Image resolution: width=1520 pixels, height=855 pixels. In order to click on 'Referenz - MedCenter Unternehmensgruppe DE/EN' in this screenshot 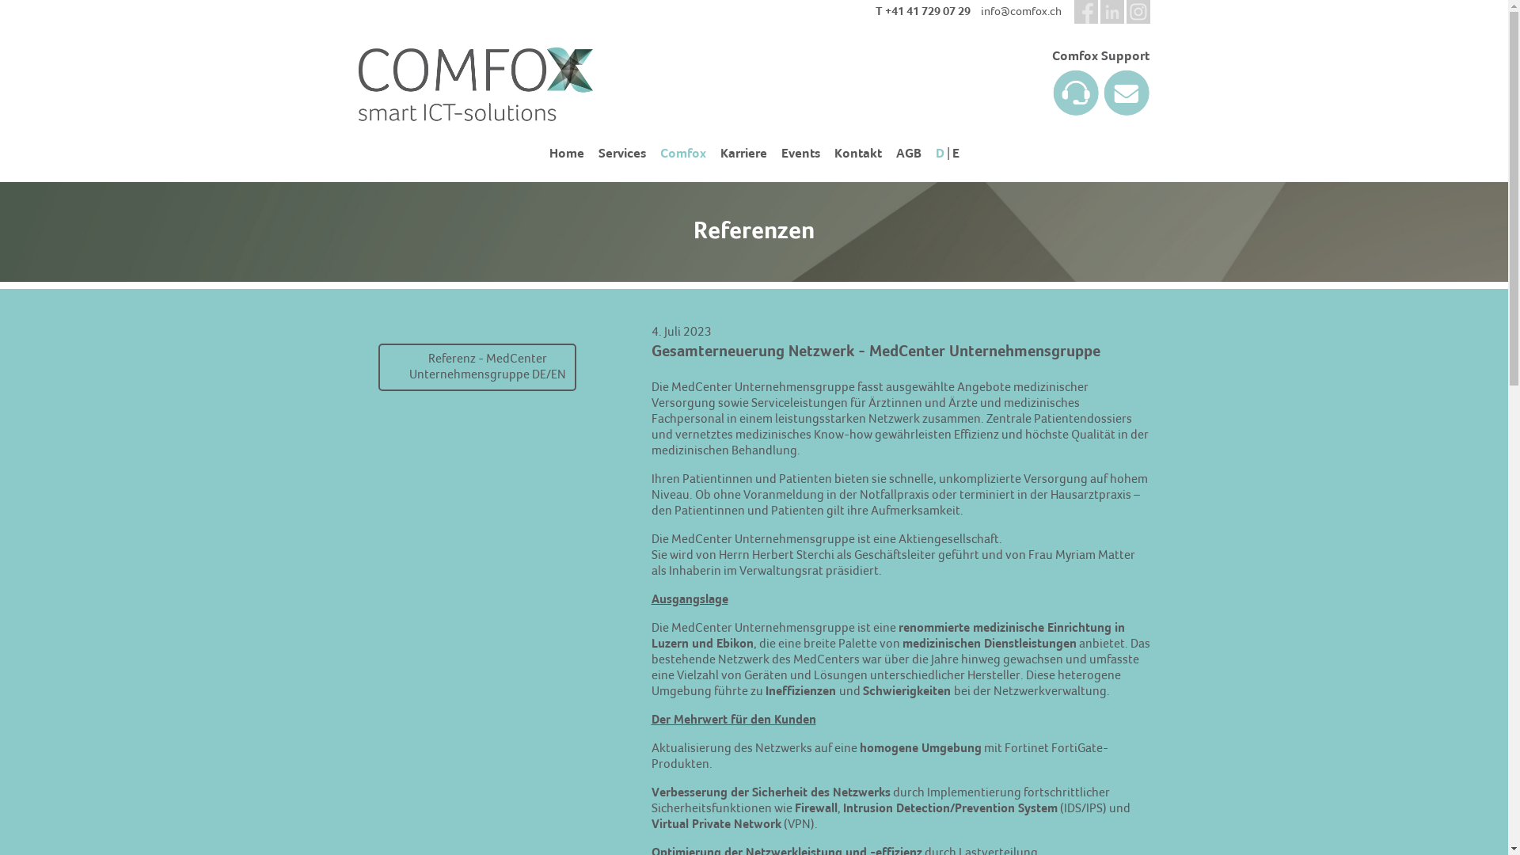, I will do `click(386, 367)`.